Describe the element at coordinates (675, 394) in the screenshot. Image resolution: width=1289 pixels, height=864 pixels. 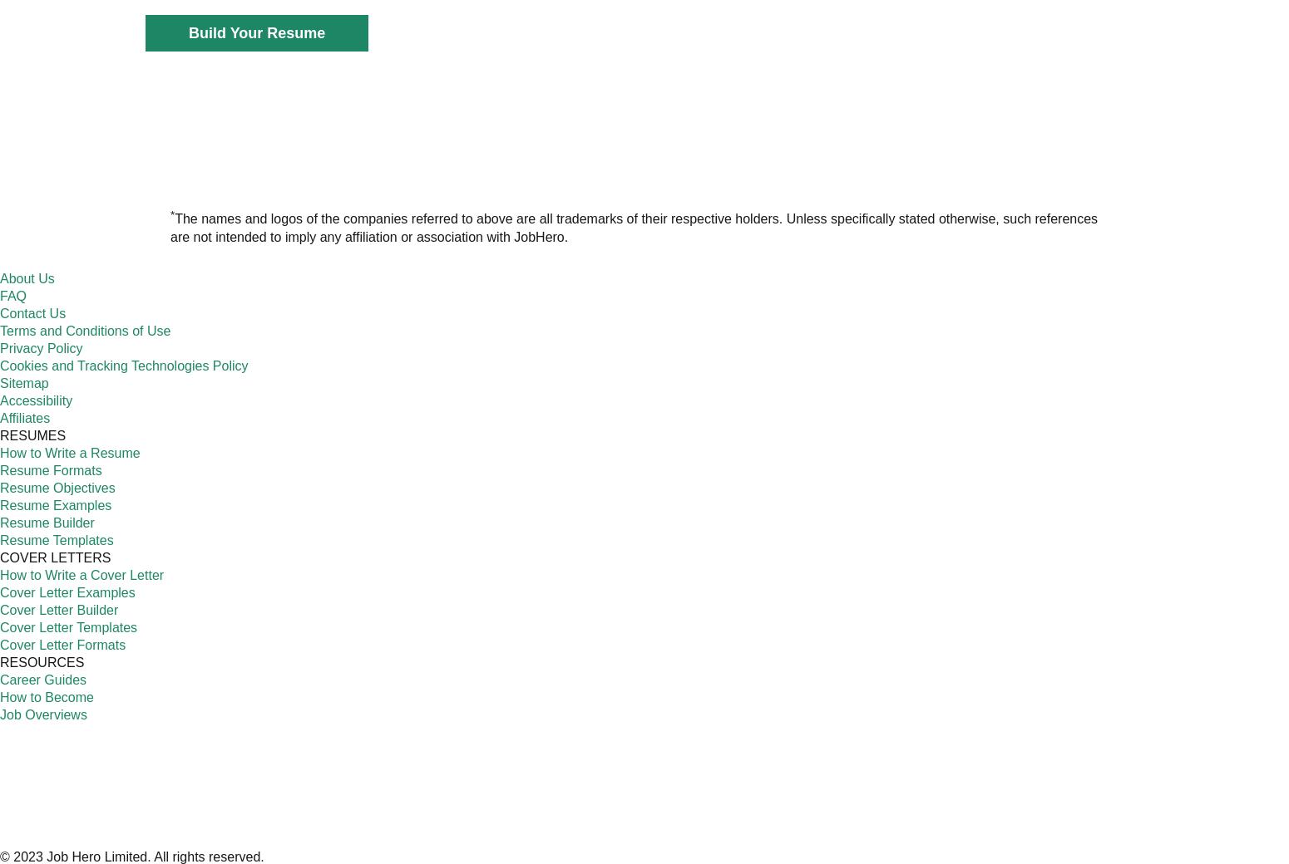
I see `'engineering cover letter samples'` at that location.